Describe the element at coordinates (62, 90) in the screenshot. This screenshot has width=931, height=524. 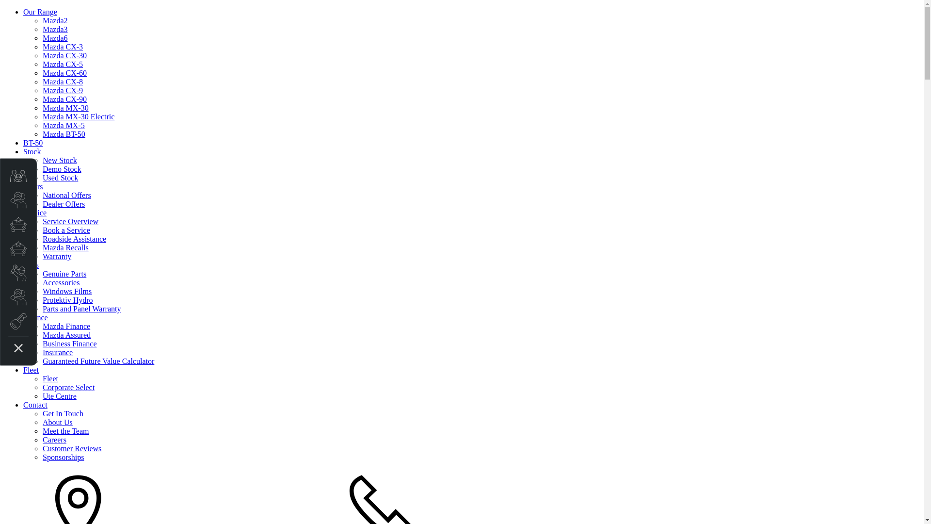
I see `'Mazda CX-9'` at that location.